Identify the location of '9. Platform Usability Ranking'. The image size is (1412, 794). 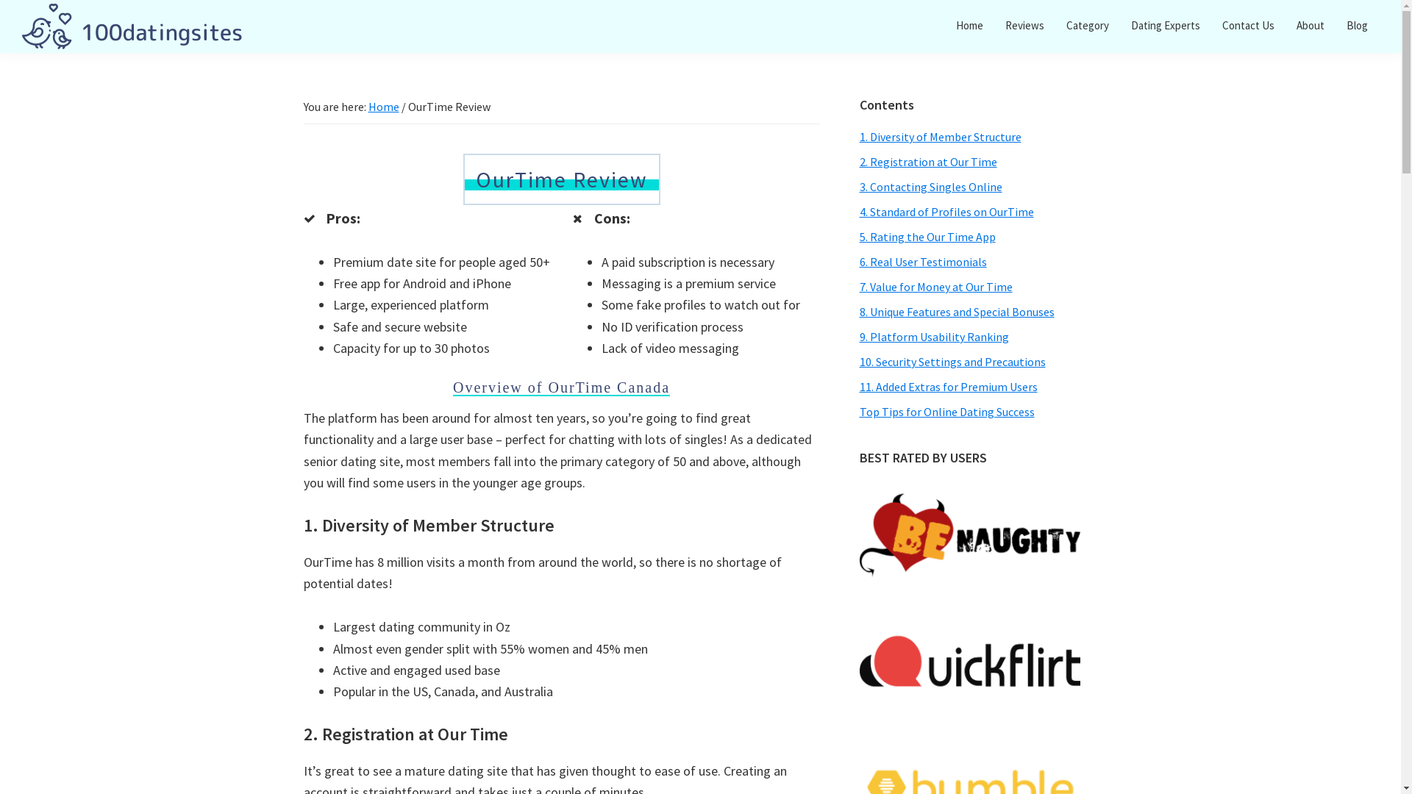
(933, 337).